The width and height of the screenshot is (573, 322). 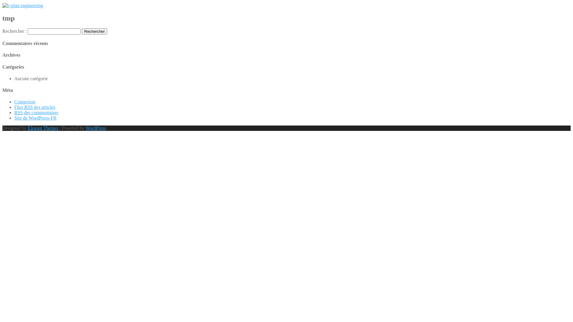 What do you see at coordinates (27, 128) in the screenshot?
I see `'Elegant Themes'` at bounding box center [27, 128].